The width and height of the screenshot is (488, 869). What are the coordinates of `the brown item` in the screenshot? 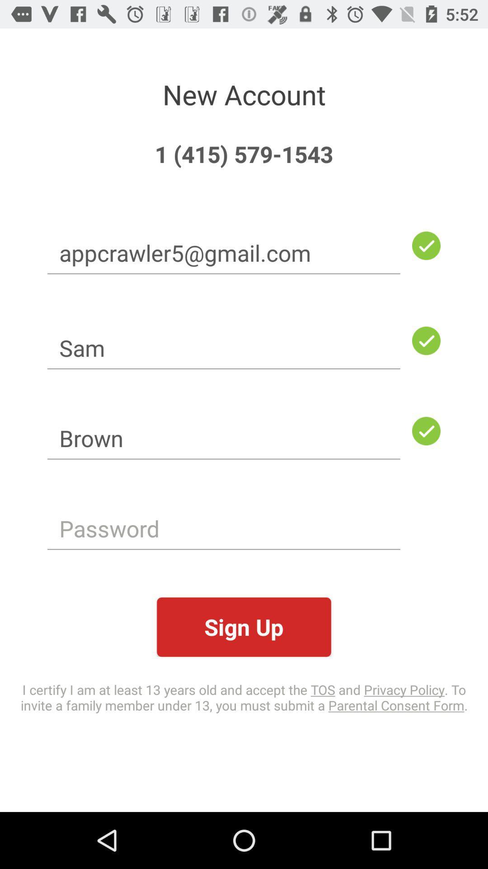 It's located at (224, 438).